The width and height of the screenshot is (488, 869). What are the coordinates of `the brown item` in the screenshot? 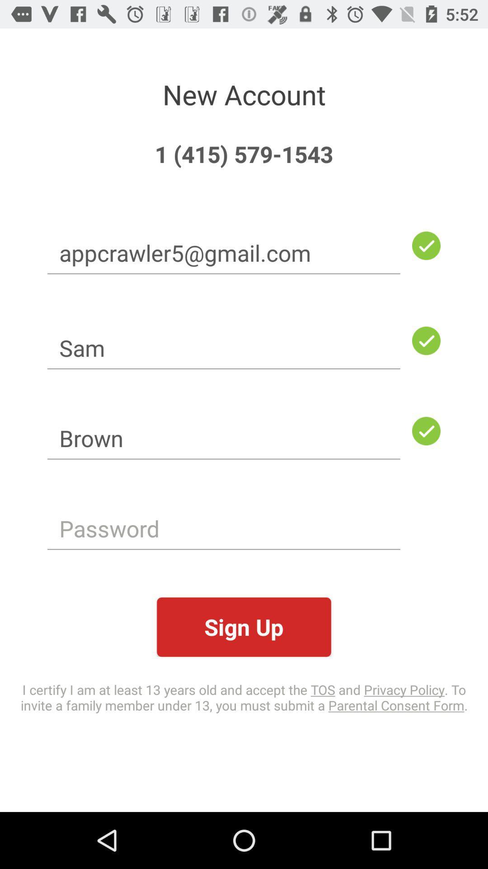 It's located at (224, 438).